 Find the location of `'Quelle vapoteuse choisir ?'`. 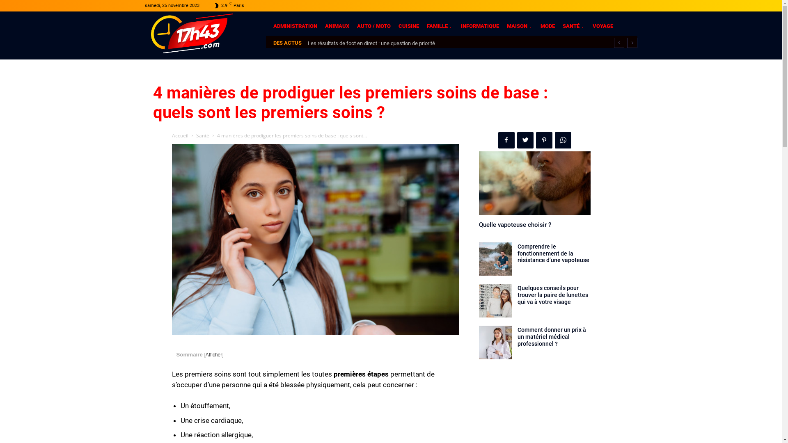

'Quelle vapoteuse choisir ?' is located at coordinates (514, 224).